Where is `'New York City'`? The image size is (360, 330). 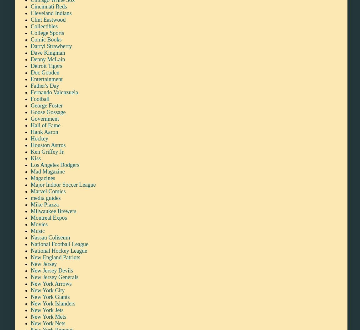
'New York City' is located at coordinates (47, 290).